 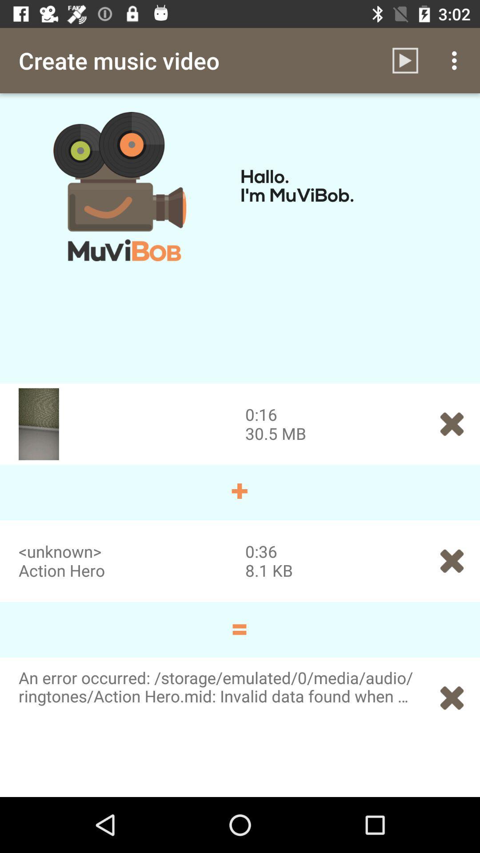 What do you see at coordinates (452, 561) in the screenshot?
I see `the cross in the second option` at bounding box center [452, 561].